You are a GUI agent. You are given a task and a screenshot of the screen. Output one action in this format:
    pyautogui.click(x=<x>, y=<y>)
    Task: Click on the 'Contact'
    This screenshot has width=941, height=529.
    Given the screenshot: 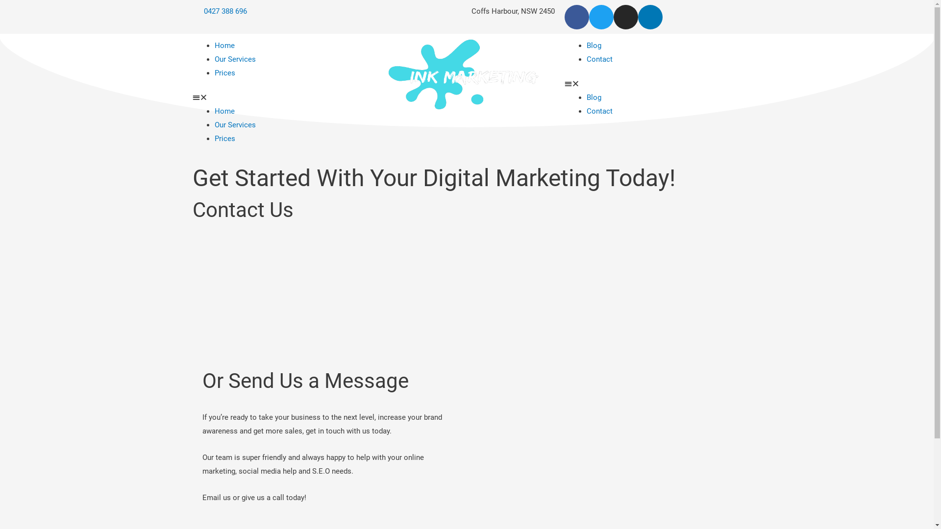 What is the action you would take?
    pyautogui.click(x=586, y=59)
    